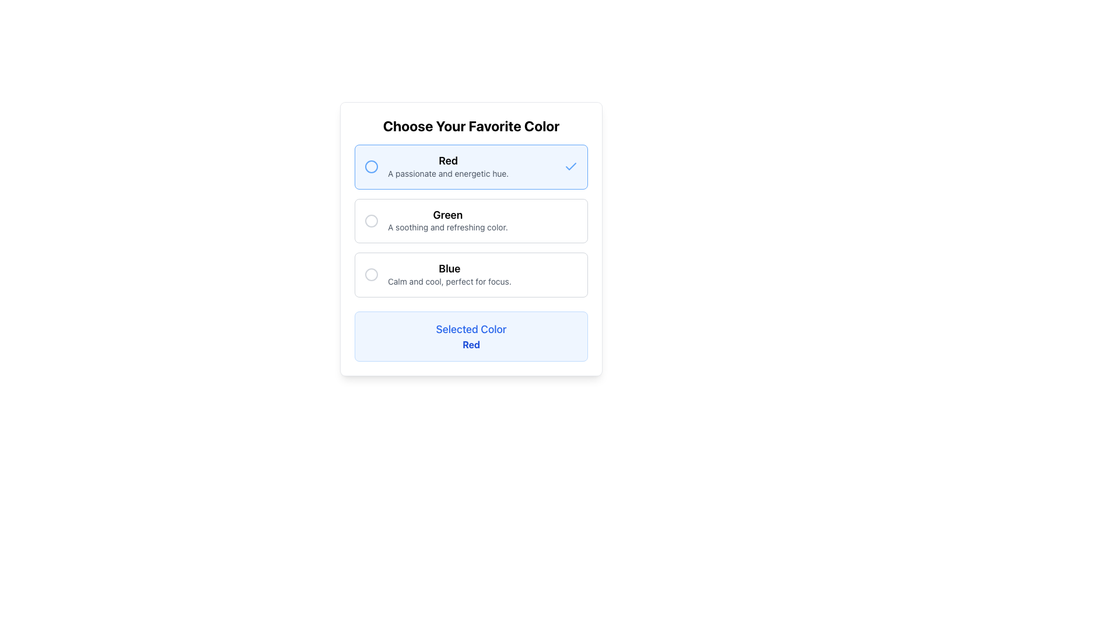 The width and height of the screenshot is (1120, 630). What do you see at coordinates (447, 161) in the screenshot?
I see `the text label displaying 'Red', which is in bold font and serves as the title of the first selection item in the color options panel` at bounding box center [447, 161].